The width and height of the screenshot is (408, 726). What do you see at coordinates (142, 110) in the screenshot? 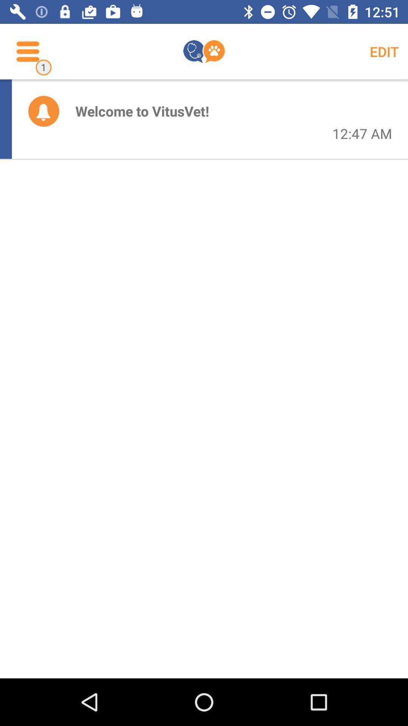
I see `icon to the left of the 12:47 am icon` at bounding box center [142, 110].